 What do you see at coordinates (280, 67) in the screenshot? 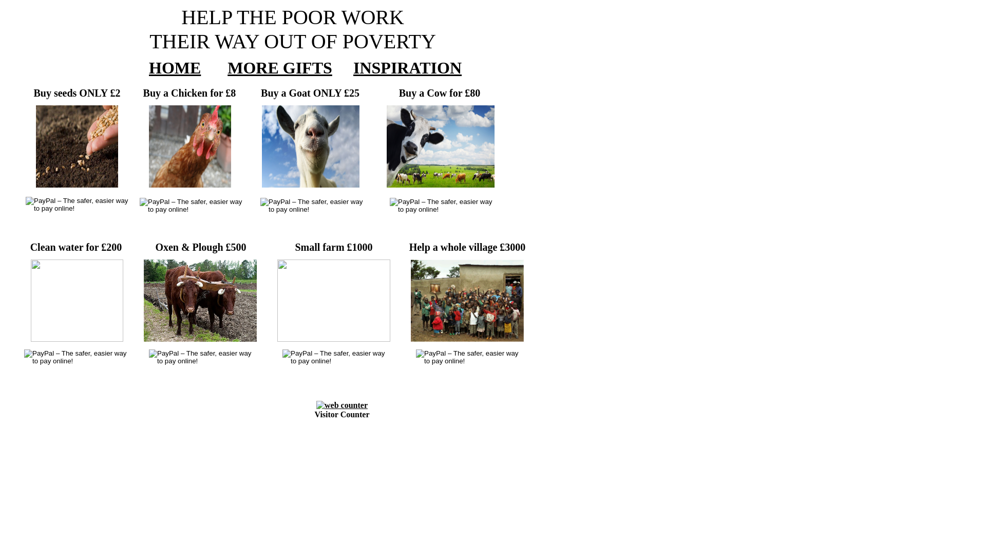
I see `'MORE GIFTS'` at bounding box center [280, 67].